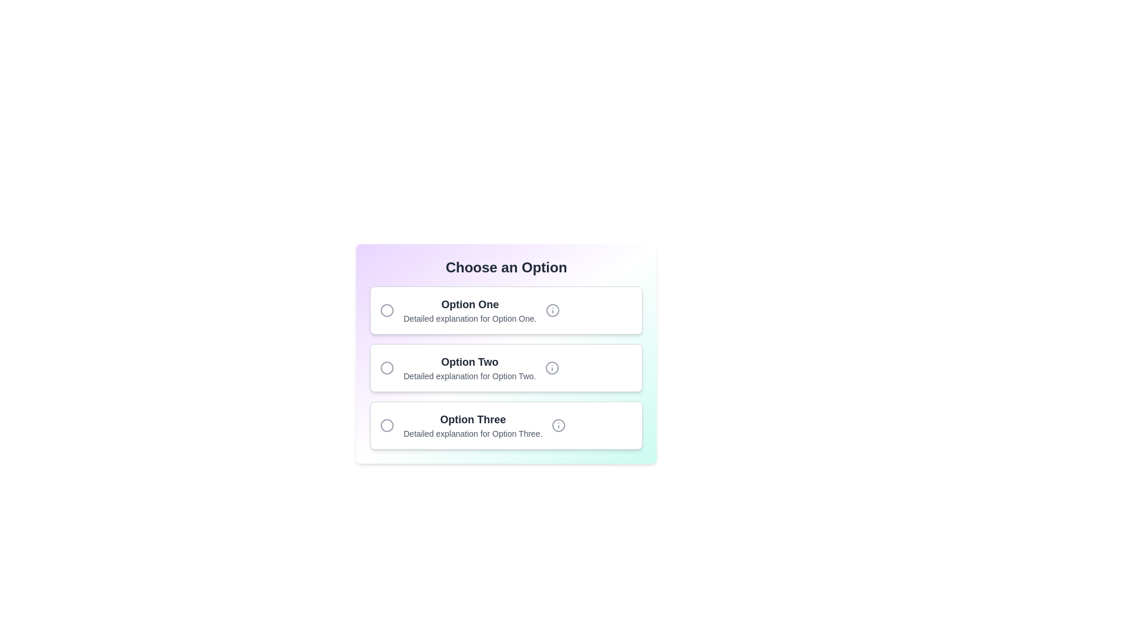 The image size is (1128, 634). Describe the element at coordinates (552, 309) in the screenshot. I see `the SVG circle located to the far right of 'Option One', which serves as a decorative or functional part of the interface` at that location.